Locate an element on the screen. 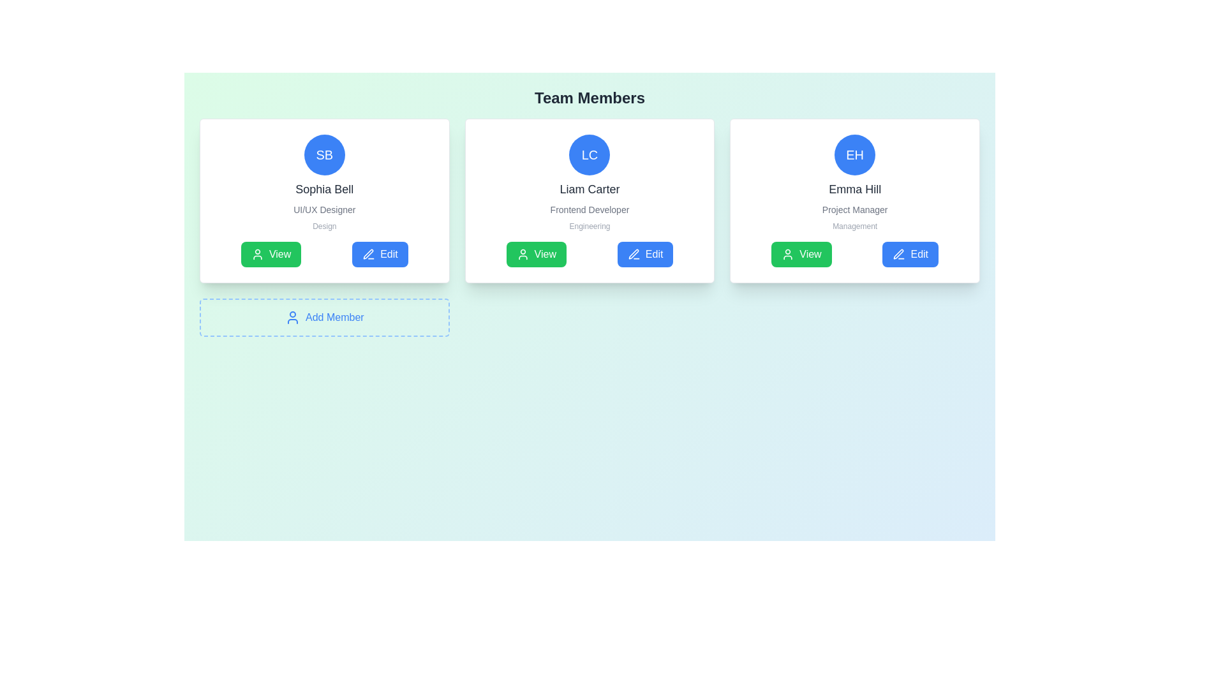 This screenshot has width=1225, height=689. the 'Edit' icon within the blue button is located at coordinates (898, 254).